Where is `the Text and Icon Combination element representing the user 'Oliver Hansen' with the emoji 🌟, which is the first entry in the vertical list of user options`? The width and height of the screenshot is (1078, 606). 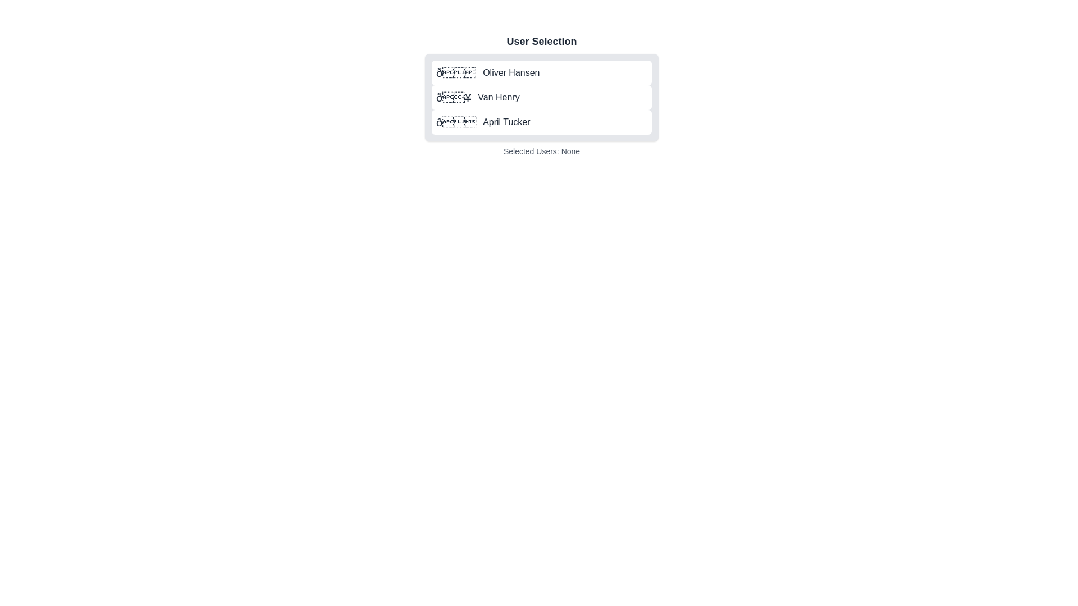
the Text and Icon Combination element representing the user 'Oliver Hansen' with the emoji 🌟, which is the first entry in the vertical list of user options is located at coordinates (488, 73).